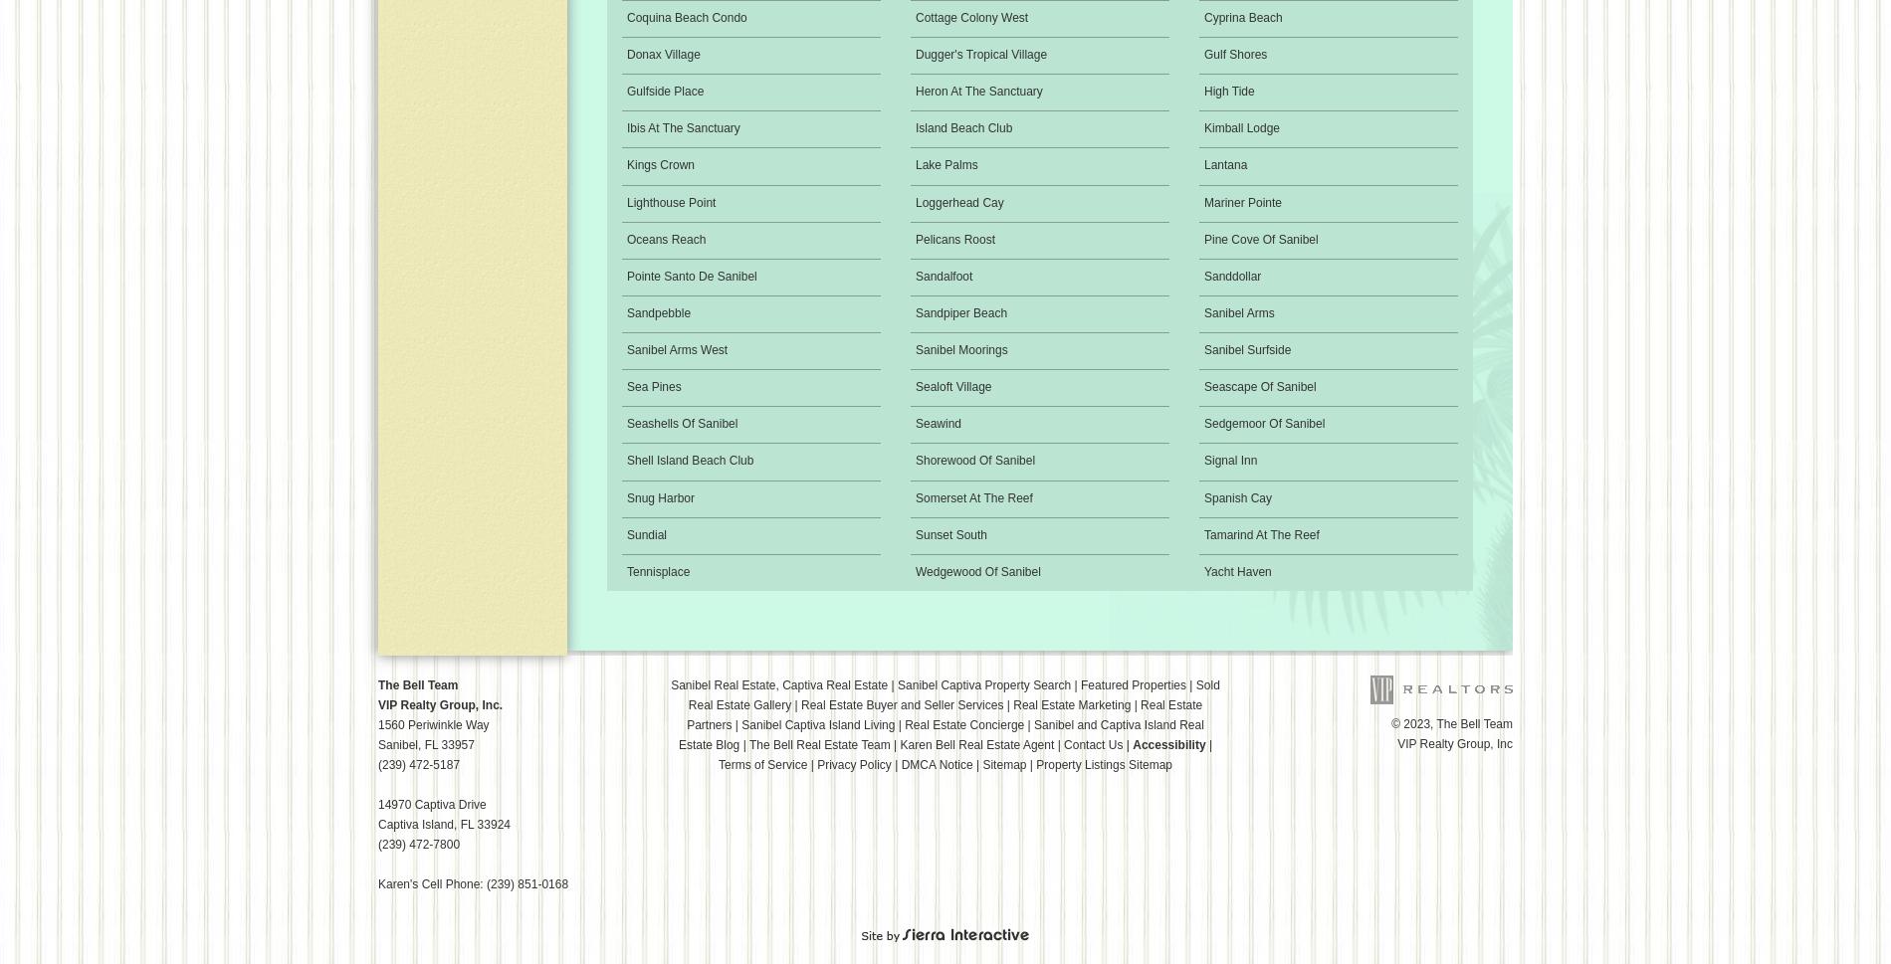 Image resolution: width=1891 pixels, height=964 pixels. What do you see at coordinates (914, 127) in the screenshot?
I see `'Island Beach Club'` at bounding box center [914, 127].